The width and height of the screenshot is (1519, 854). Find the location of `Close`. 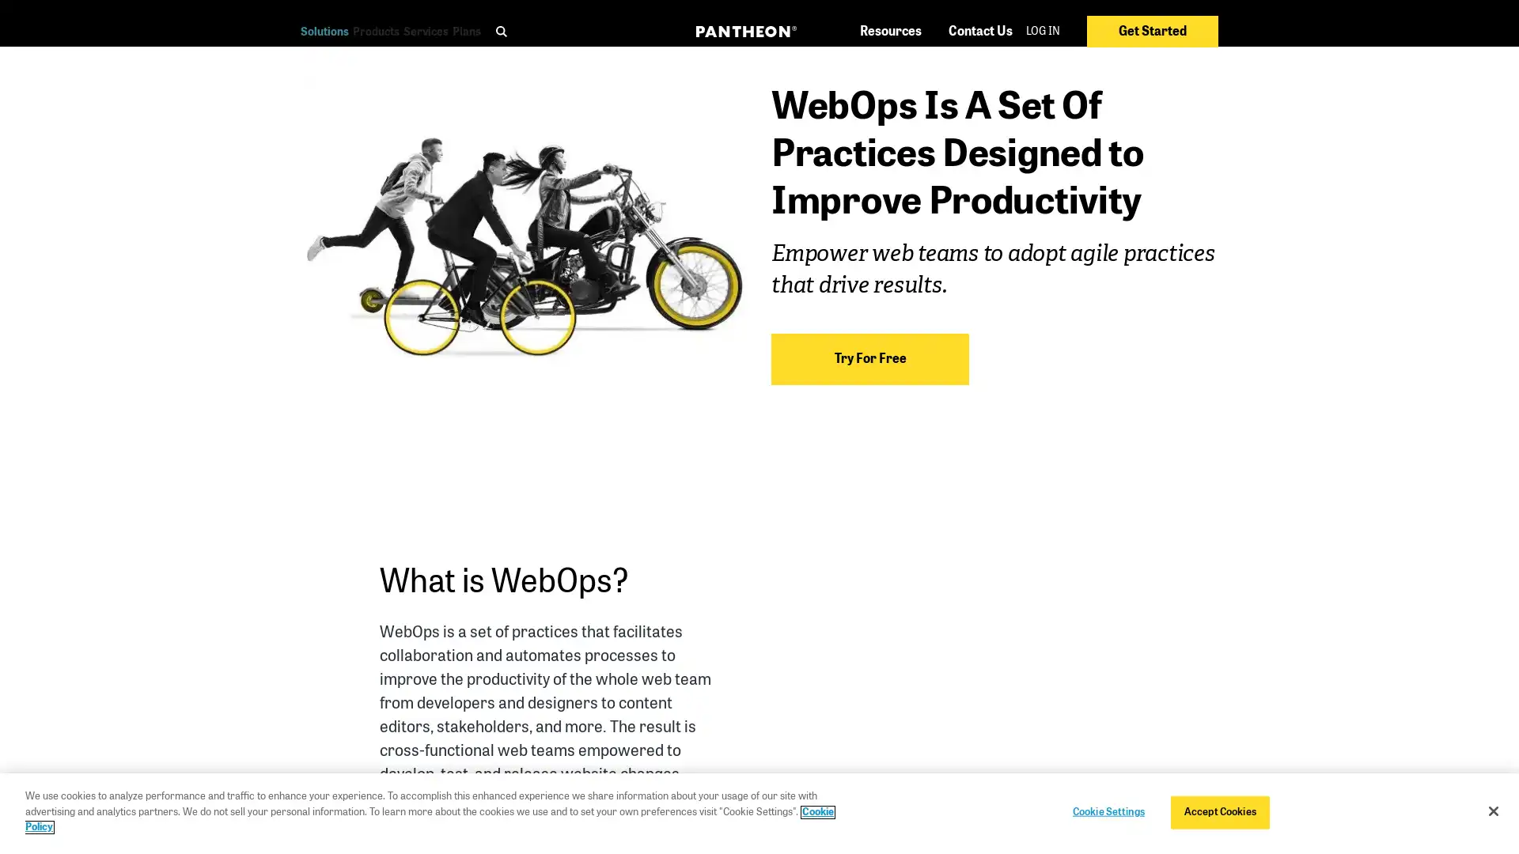

Close is located at coordinates (1492, 811).